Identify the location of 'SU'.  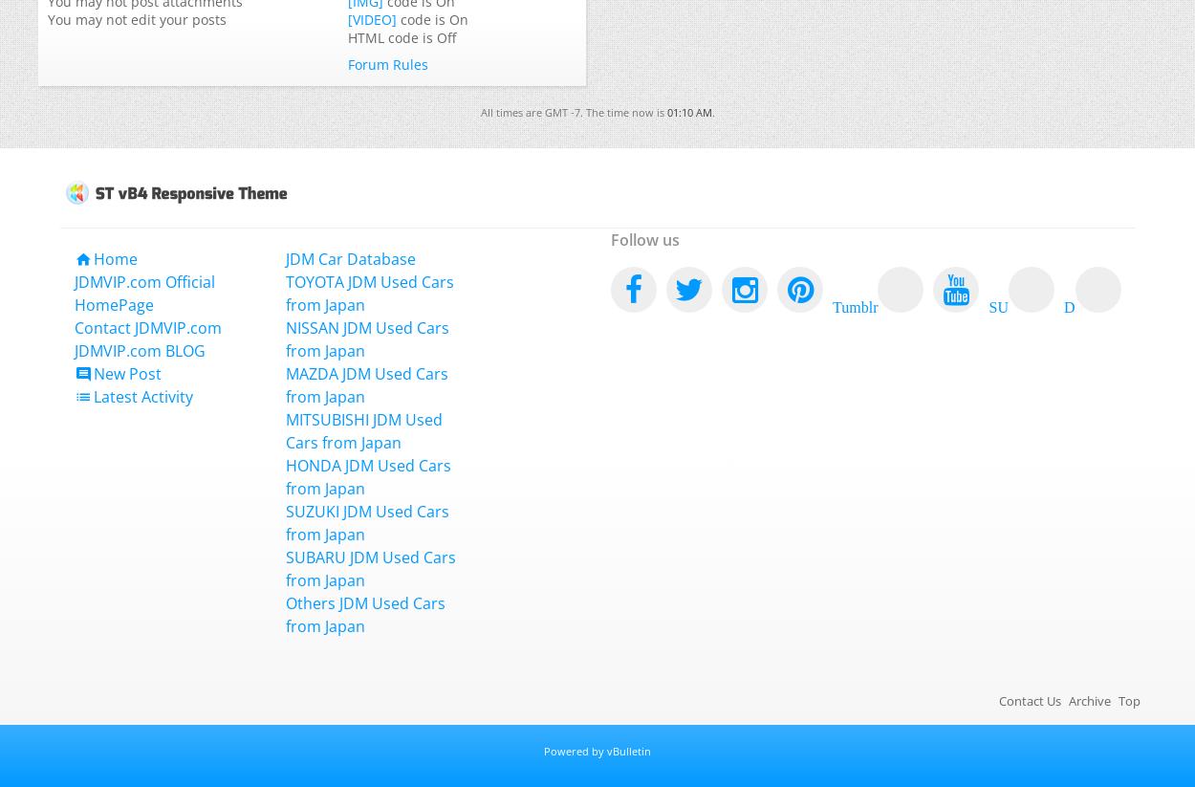
(998, 303).